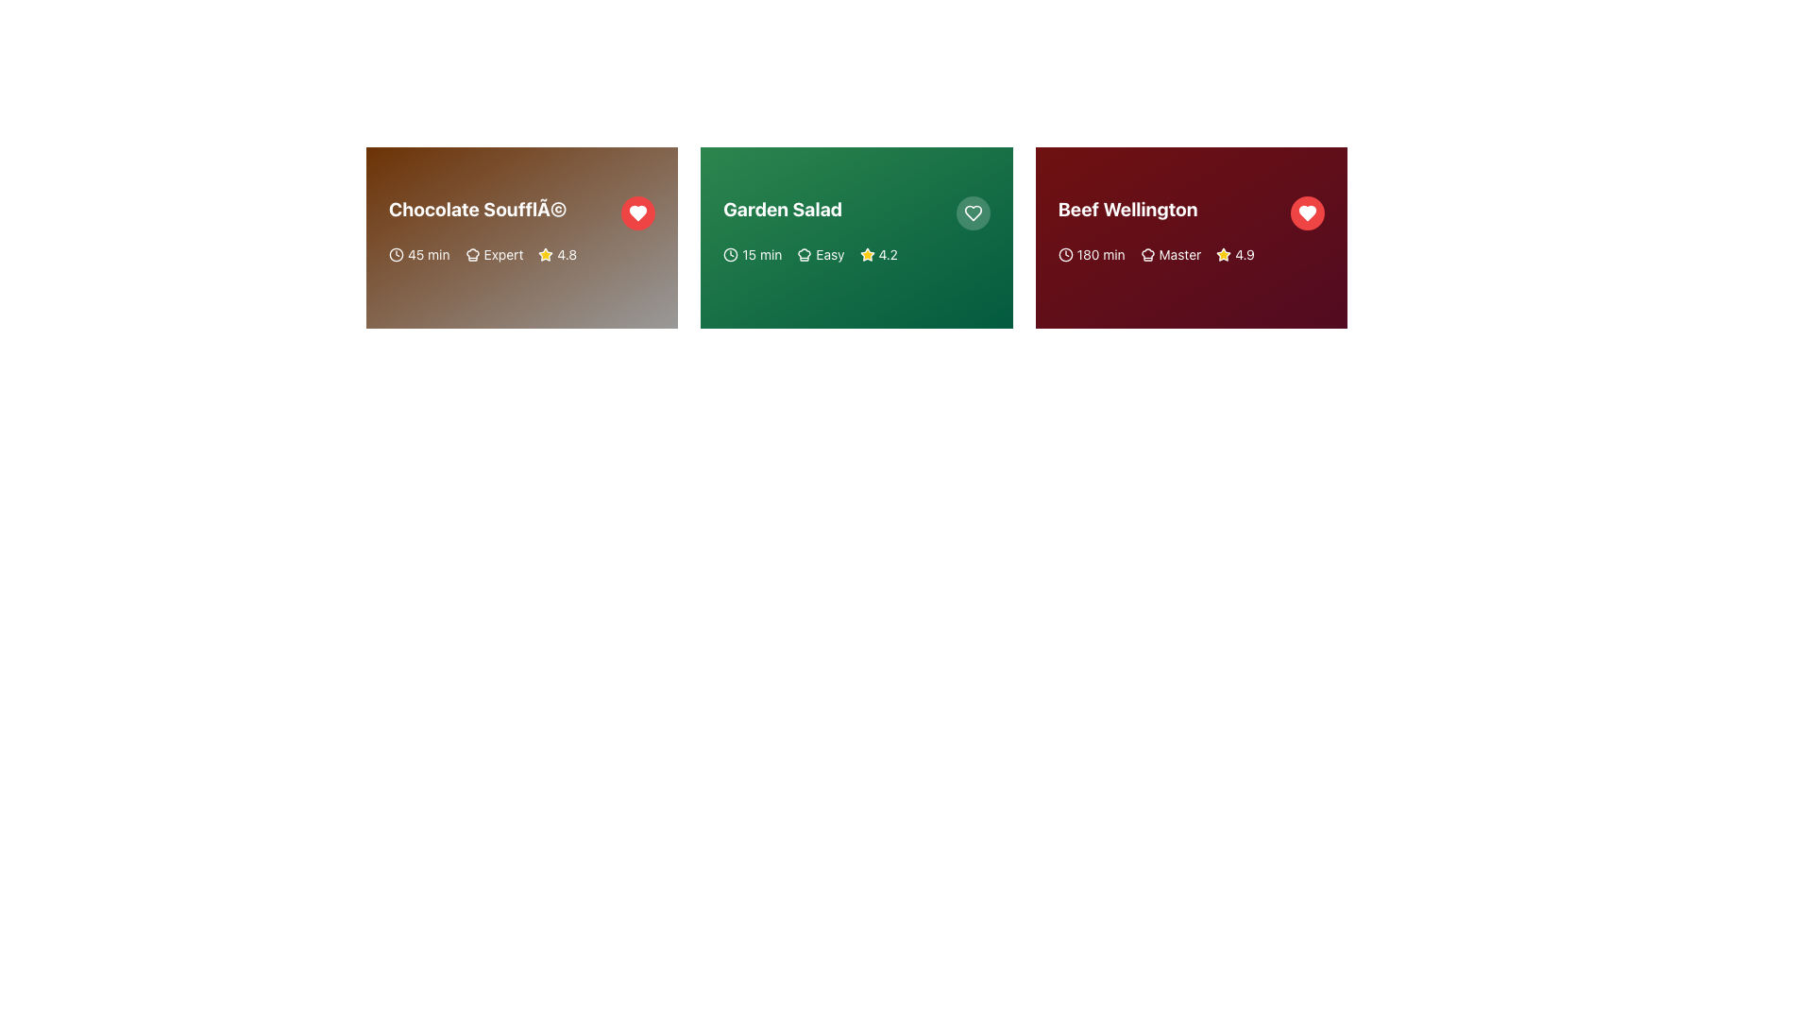 The height and width of the screenshot is (1020, 1813). What do you see at coordinates (752, 255) in the screenshot?
I see `the text element displaying '15 min' with a clock icon in the lower-left area of the 'Garden Salad' card` at bounding box center [752, 255].